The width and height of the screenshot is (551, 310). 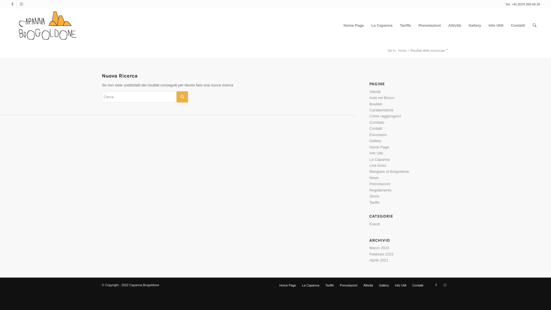 What do you see at coordinates (378, 135) in the screenshot?
I see `'Escursioni'` at bounding box center [378, 135].